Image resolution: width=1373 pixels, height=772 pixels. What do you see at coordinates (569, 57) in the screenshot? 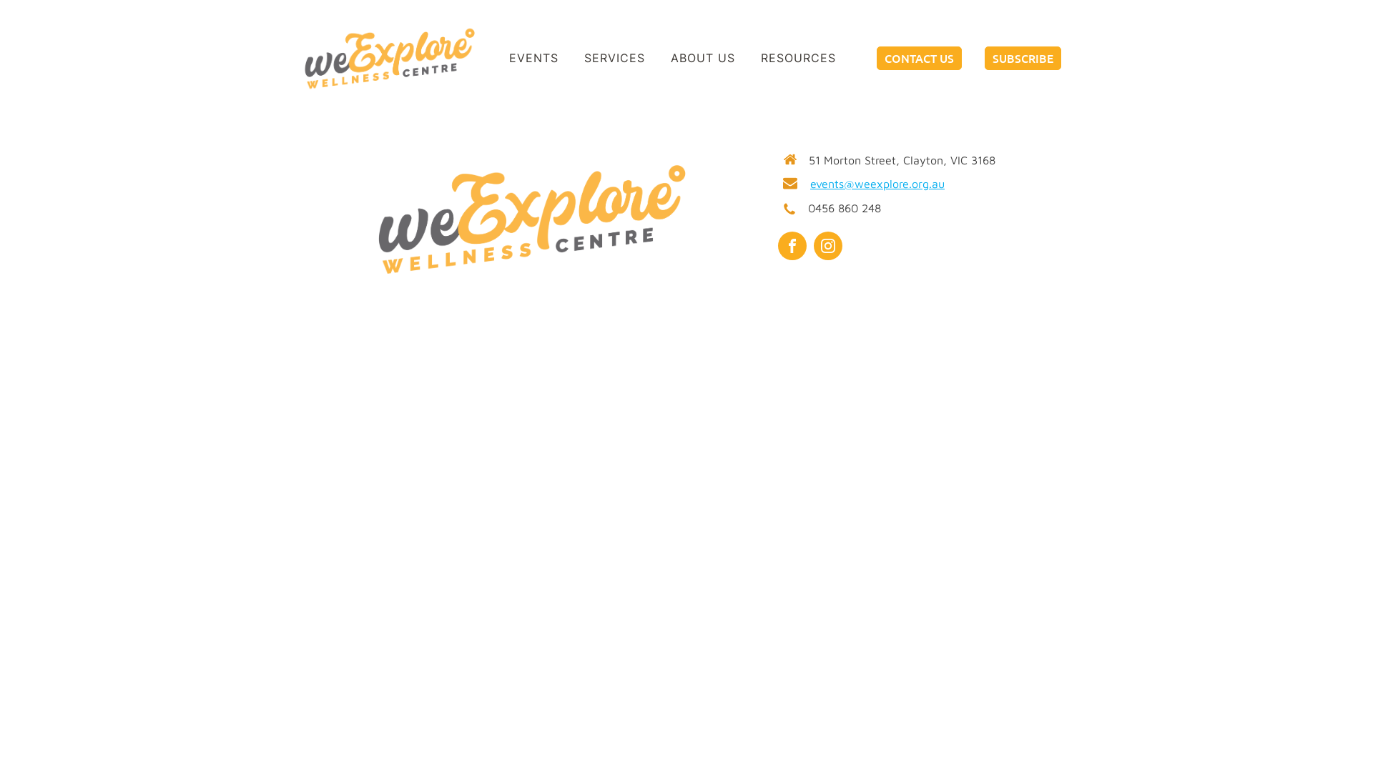
I see `'SERVICES'` at bounding box center [569, 57].